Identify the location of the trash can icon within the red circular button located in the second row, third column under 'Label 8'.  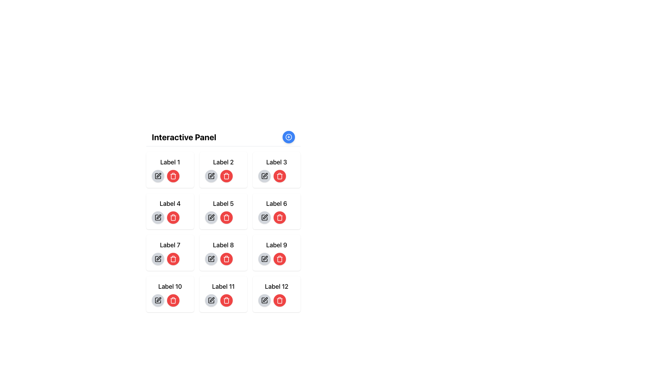
(280, 217).